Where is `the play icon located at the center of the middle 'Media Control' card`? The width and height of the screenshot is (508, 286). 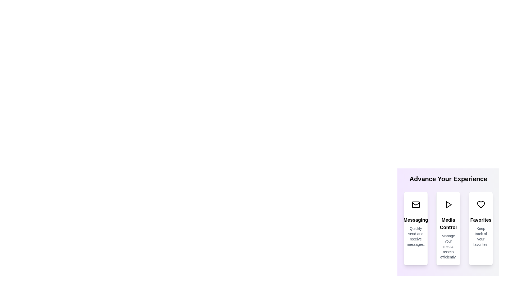 the play icon located at the center of the middle 'Media Control' card is located at coordinates (448, 204).